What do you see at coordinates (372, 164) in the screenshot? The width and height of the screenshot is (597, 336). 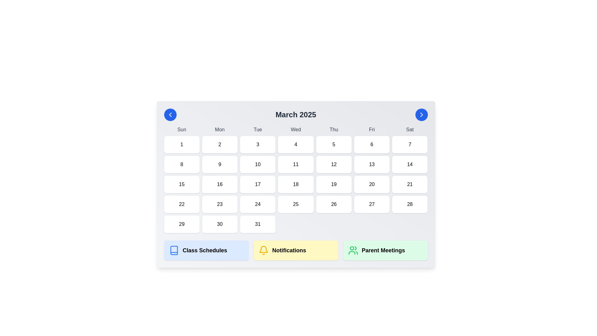 I see `the Calendar Date Cell displaying the number '13' located in the fifth column of the third row beneath the 'Fri' header` at bounding box center [372, 164].